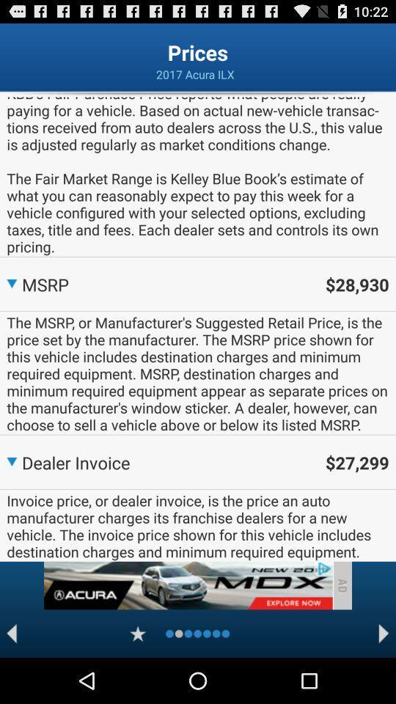 The image size is (396, 704). What do you see at coordinates (11, 678) in the screenshot?
I see `the arrow_backward icon` at bounding box center [11, 678].